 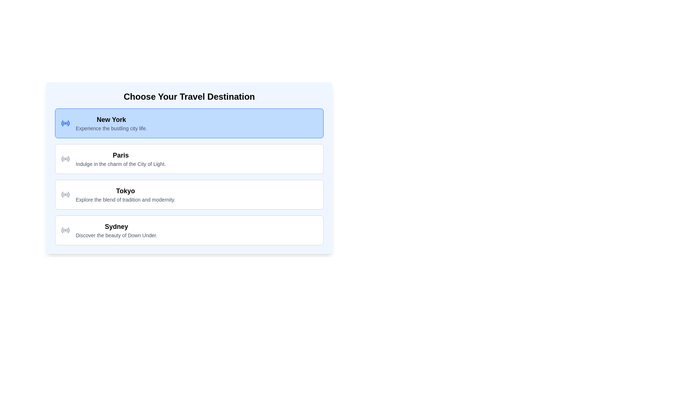 I want to click on the text label displaying 'Paris', which is prominently styled and located at the top center of the section representing the second travel option, so click(x=121, y=155).